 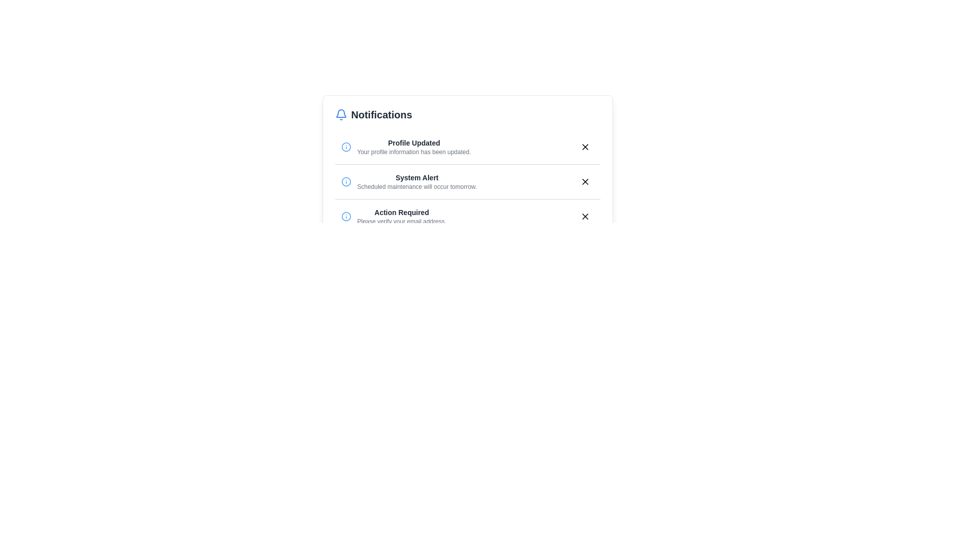 I want to click on the third notification item in the Notifications list, so click(x=467, y=216).